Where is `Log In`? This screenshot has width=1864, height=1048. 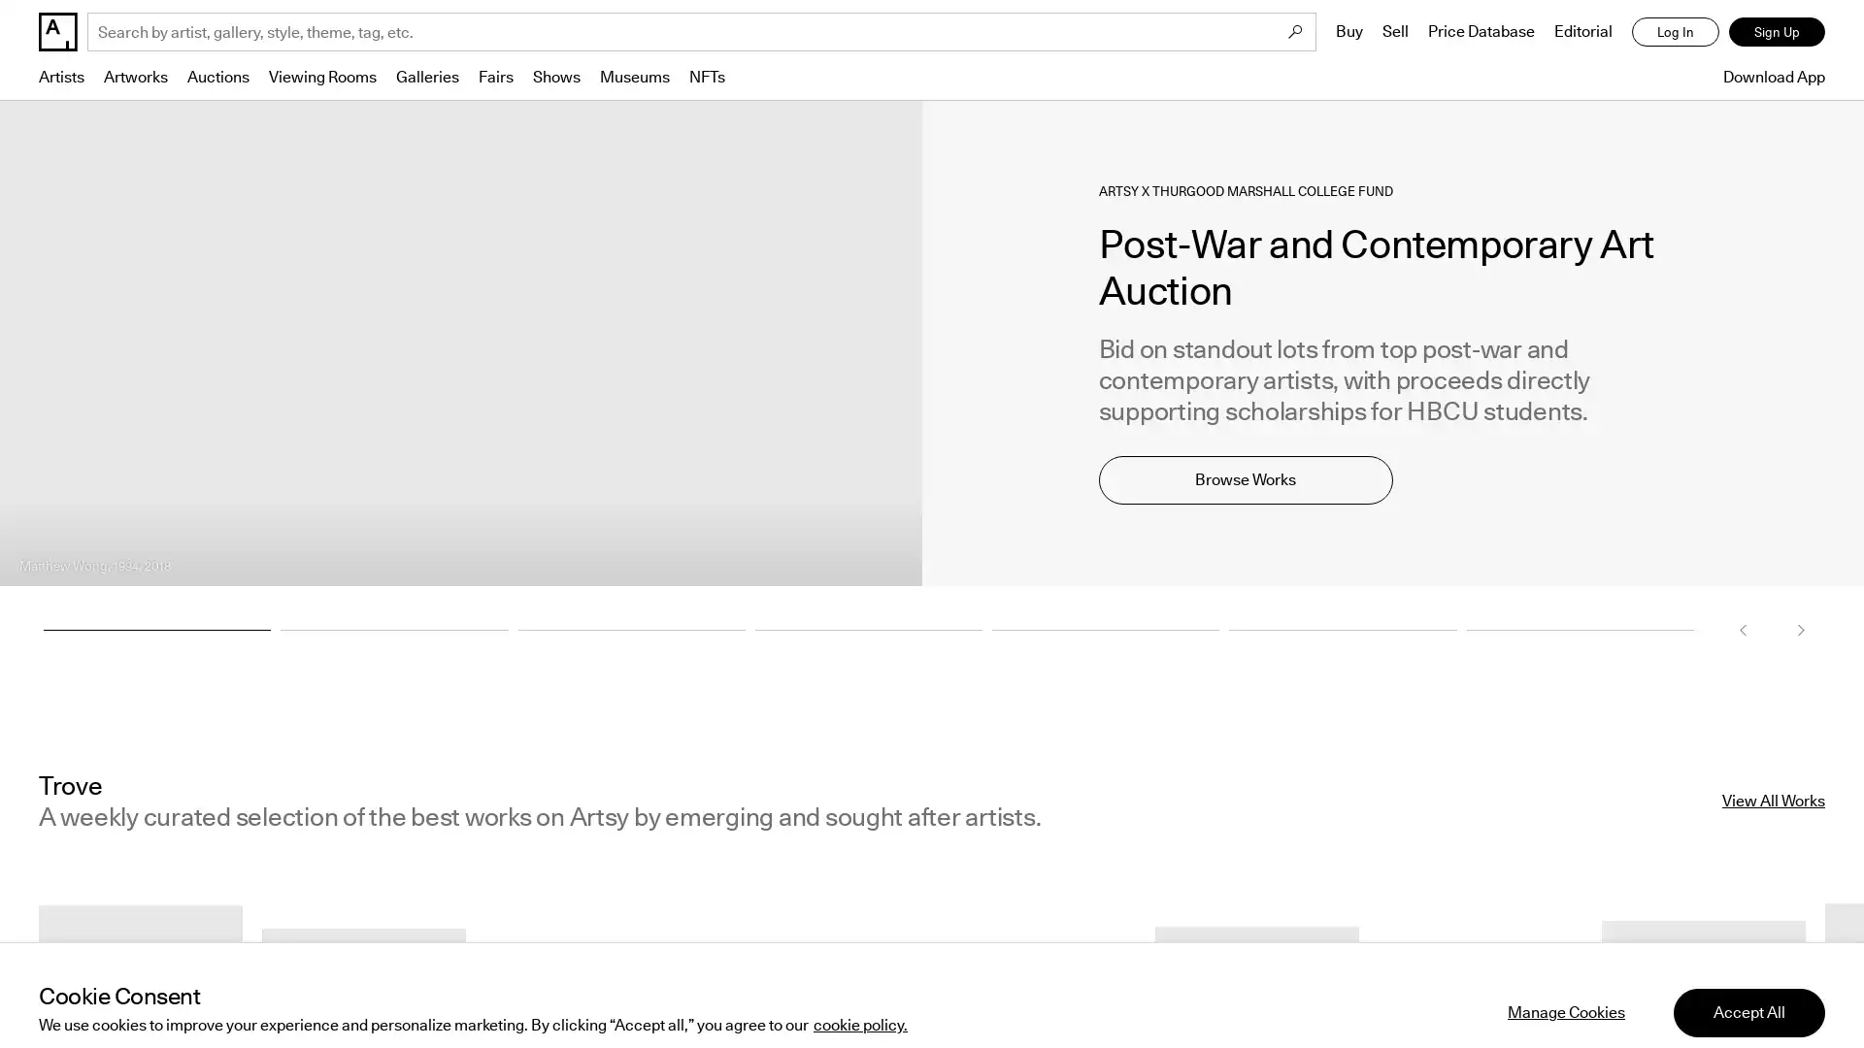
Log In is located at coordinates (1675, 32).